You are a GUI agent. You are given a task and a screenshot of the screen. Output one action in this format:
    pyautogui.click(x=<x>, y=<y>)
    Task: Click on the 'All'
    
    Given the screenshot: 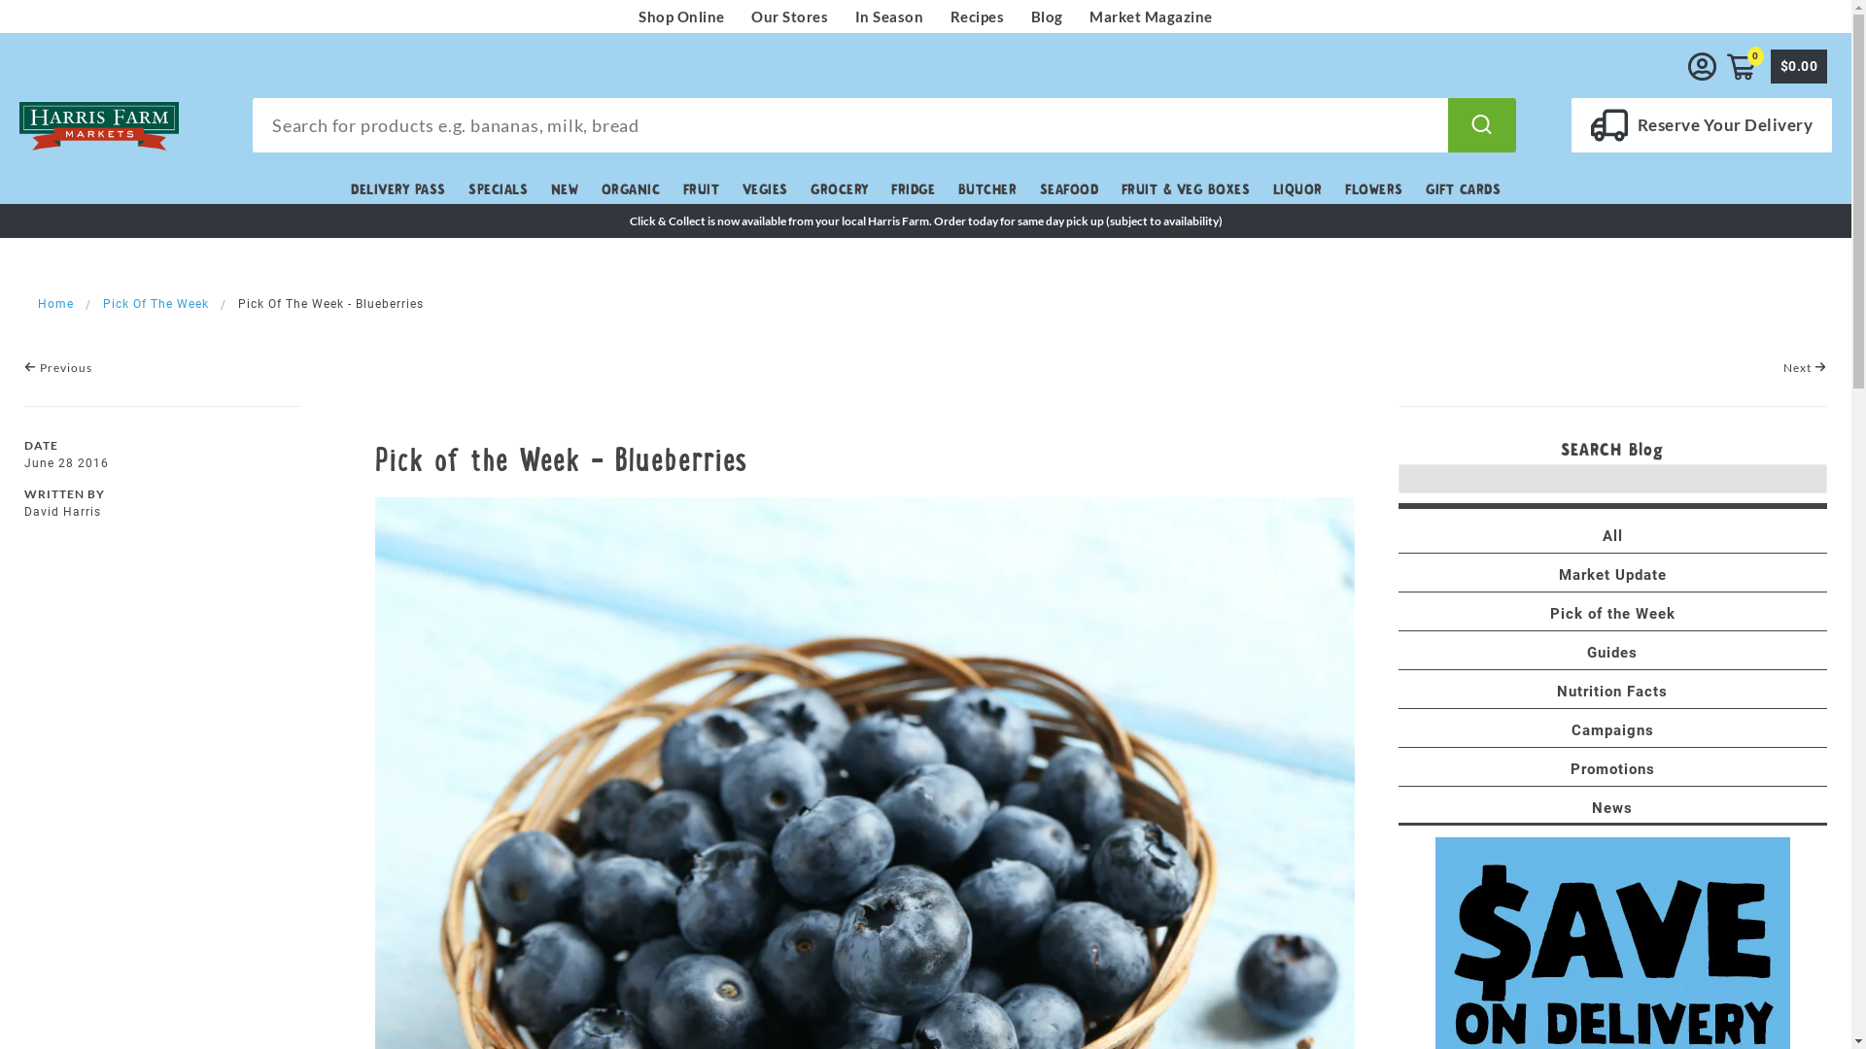 What is the action you would take?
    pyautogui.click(x=1603, y=535)
    